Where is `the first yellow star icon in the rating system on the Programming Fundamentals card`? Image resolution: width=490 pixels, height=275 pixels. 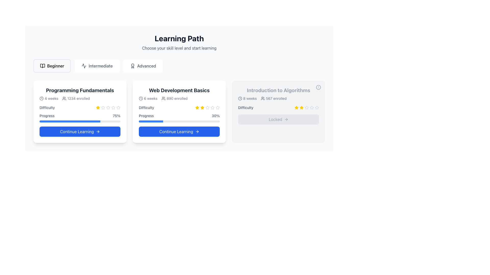
the first yellow star icon in the rating system on the Programming Fundamentals card is located at coordinates (98, 107).